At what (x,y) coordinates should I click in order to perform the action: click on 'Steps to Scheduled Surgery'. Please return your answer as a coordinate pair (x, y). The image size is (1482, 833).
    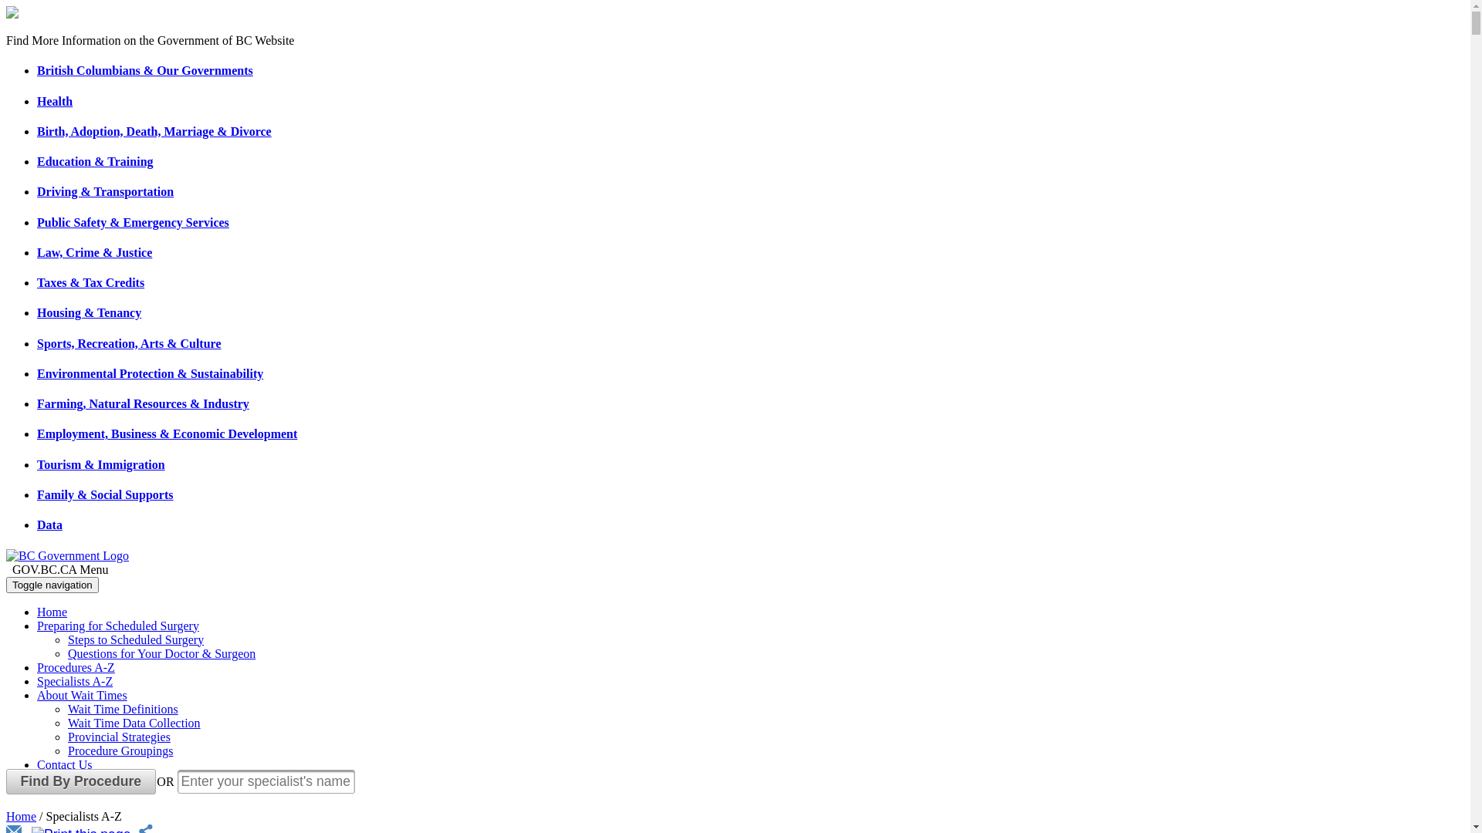
    Looking at the image, I should click on (66, 639).